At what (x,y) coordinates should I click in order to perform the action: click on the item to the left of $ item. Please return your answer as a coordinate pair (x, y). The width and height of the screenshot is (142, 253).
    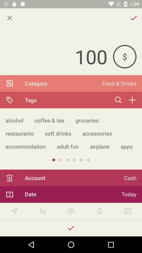
    Looking at the image, I should click on (56, 56).